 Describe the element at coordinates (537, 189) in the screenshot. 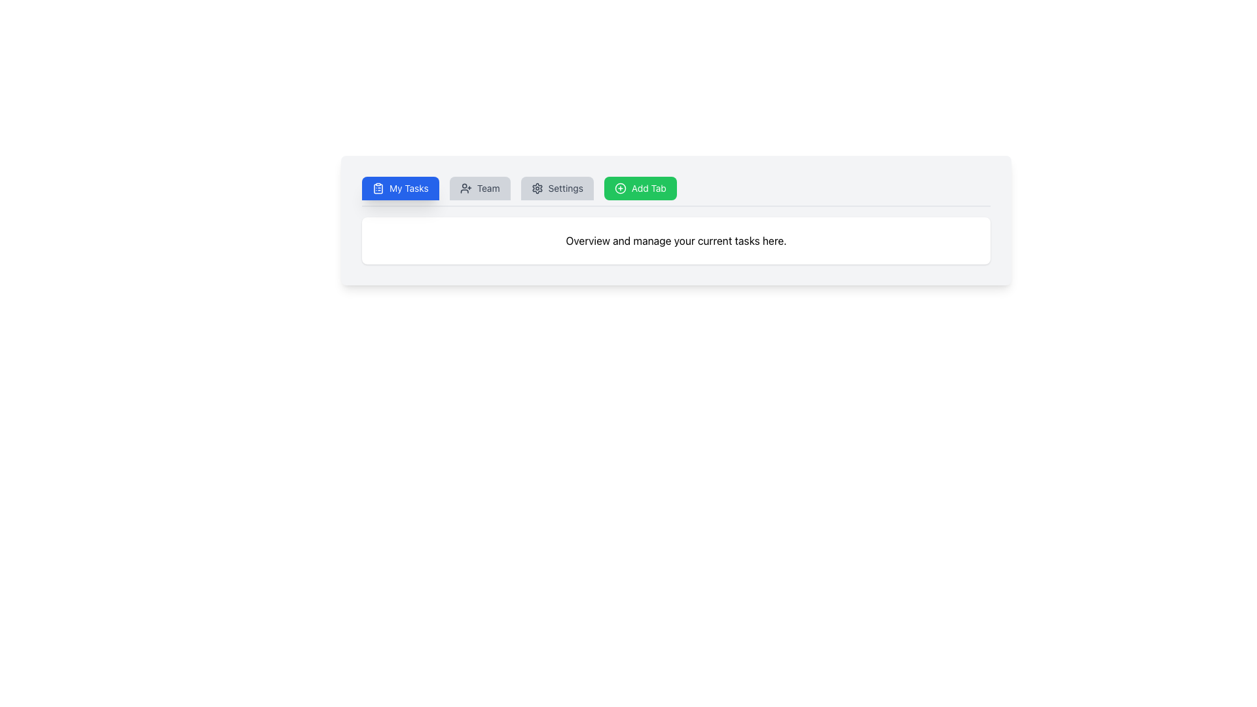

I see `the small gear-shaped gray icon that represents the settings symbol, located in the navigation bar between the 'Team' button and the 'Add Tab' button` at that location.